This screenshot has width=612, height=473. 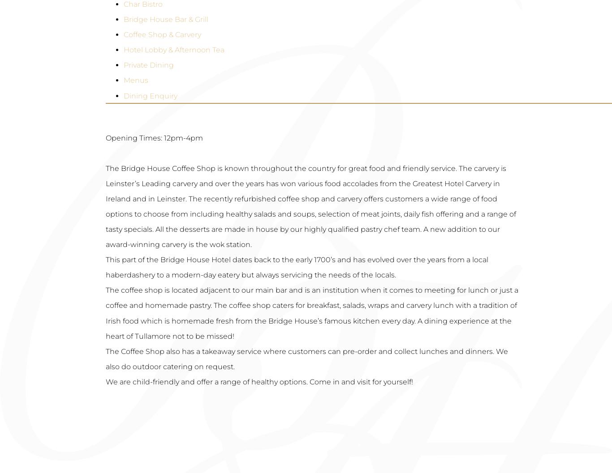 What do you see at coordinates (182, 305) in the screenshot?
I see `'Spa Days Out'` at bounding box center [182, 305].